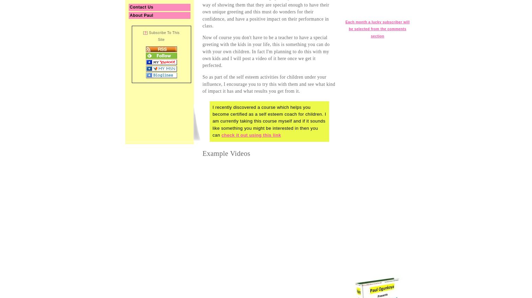 This screenshot has height=298, width=532. What do you see at coordinates (145, 32) in the screenshot?
I see `'?'` at bounding box center [145, 32].